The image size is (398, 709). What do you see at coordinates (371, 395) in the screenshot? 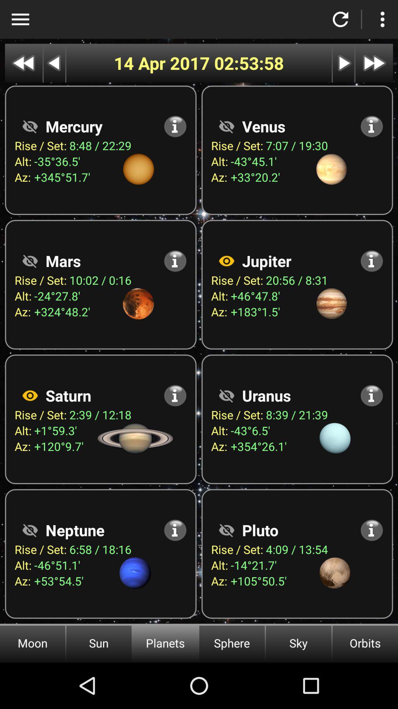
I see `show more information` at bounding box center [371, 395].